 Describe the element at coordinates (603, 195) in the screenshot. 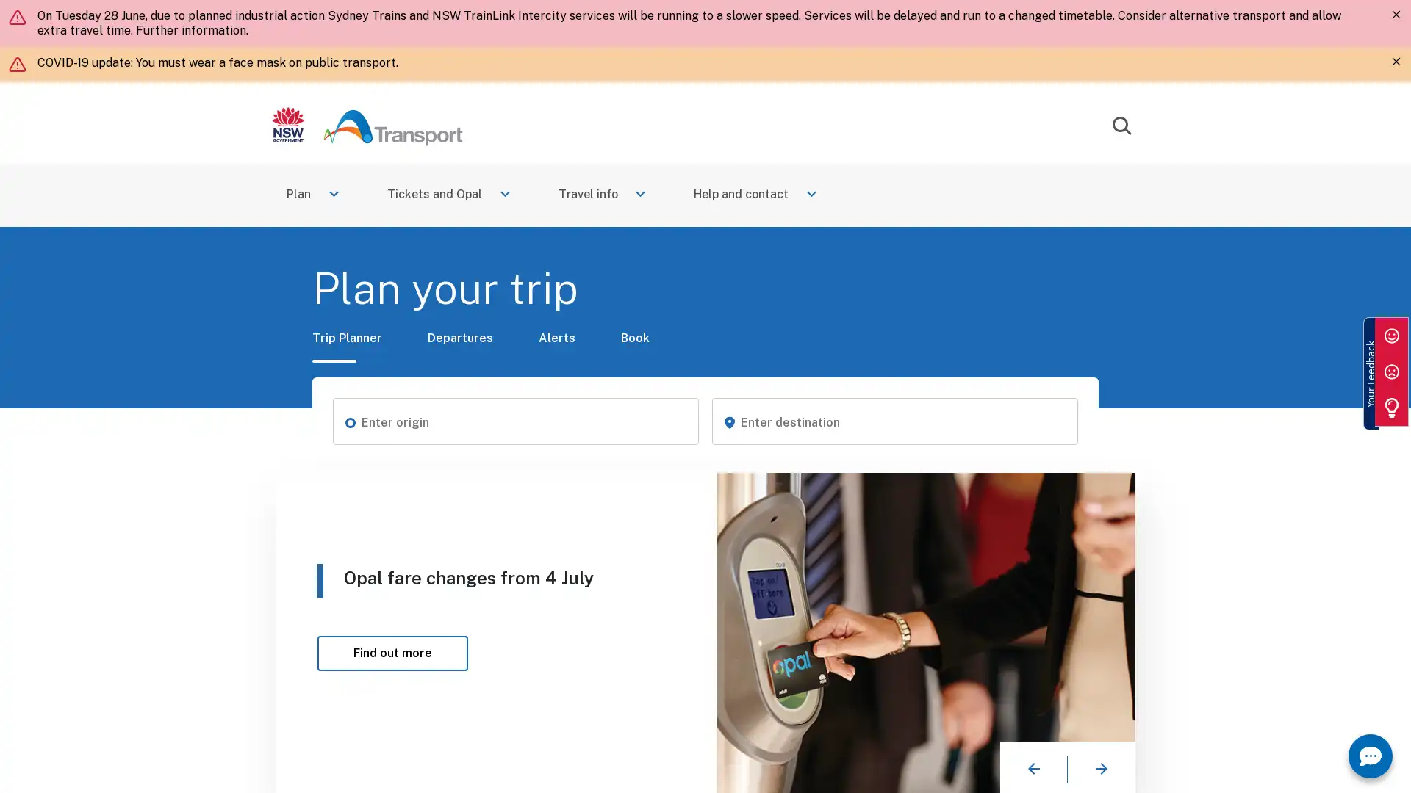

I see `Travel info` at that location.